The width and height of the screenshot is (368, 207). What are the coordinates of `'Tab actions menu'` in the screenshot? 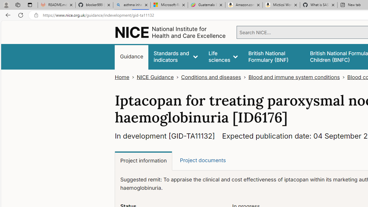 It's located at (30, 5).